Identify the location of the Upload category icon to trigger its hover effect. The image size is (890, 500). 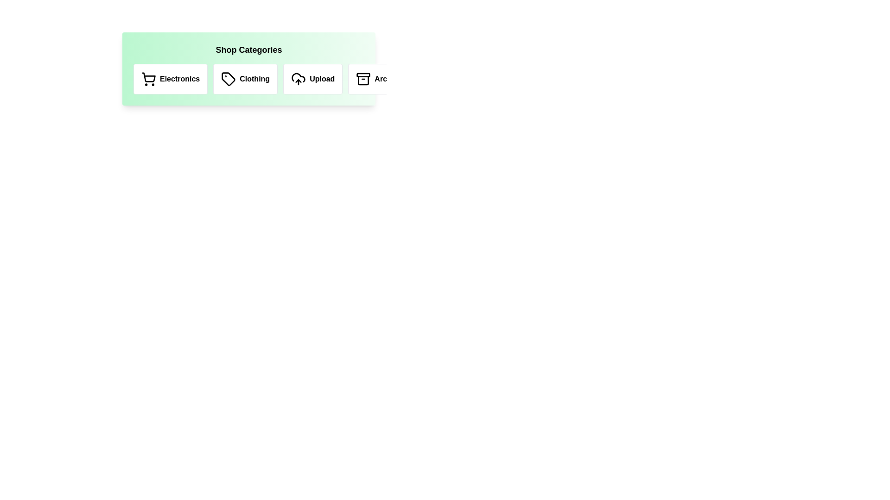
(313, 78).